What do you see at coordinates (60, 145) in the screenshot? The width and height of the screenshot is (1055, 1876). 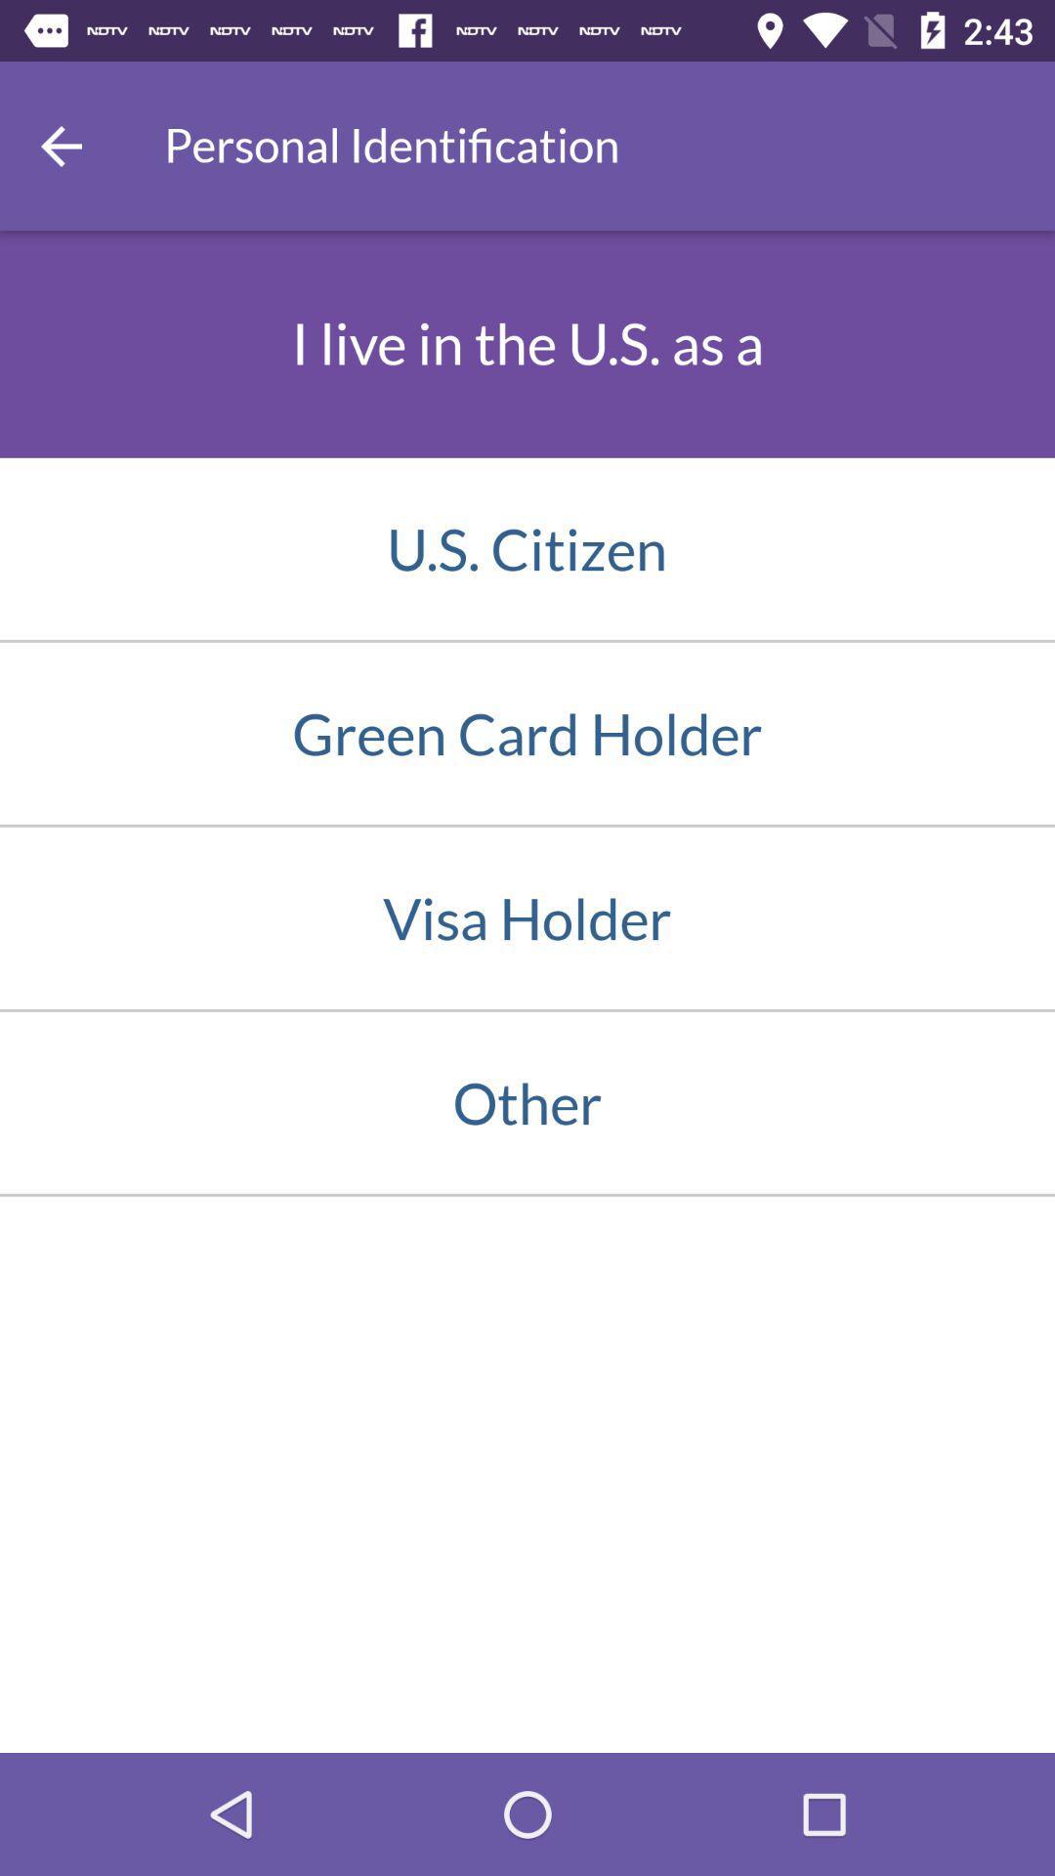 I see `go back` at bounding box center [60, 145].